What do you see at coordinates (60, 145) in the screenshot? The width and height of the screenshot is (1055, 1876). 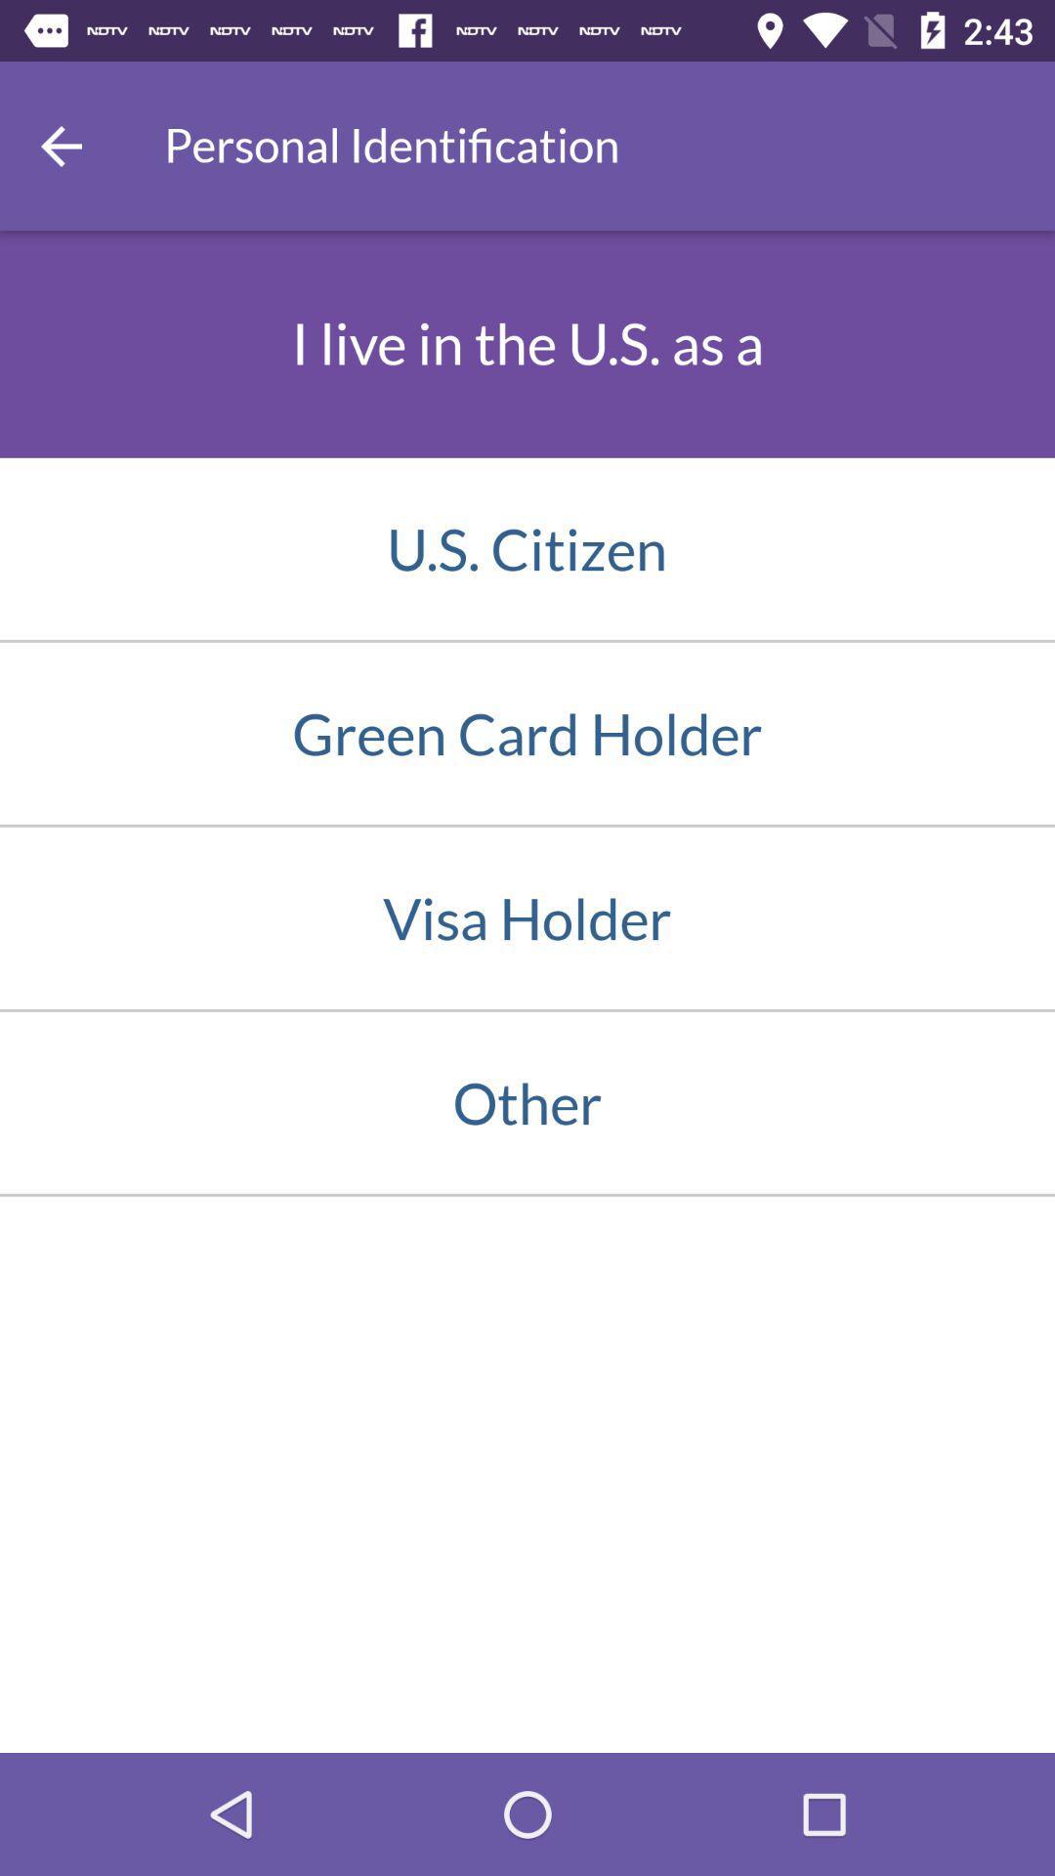 I see `go back` at bounding box center [60, 145].